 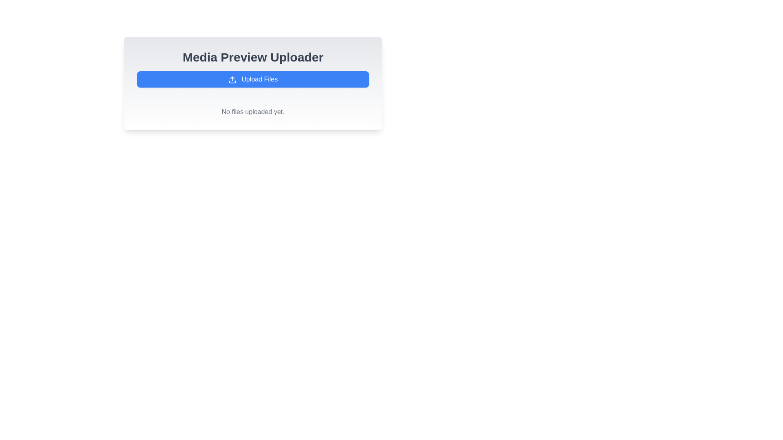 I want to click on the text label 'Media Preview Uploader', which is styled with a bold and large sans-serif font and is centered on a white background above the blue button labeled 'Upload Files', so click(x=252, y=57).